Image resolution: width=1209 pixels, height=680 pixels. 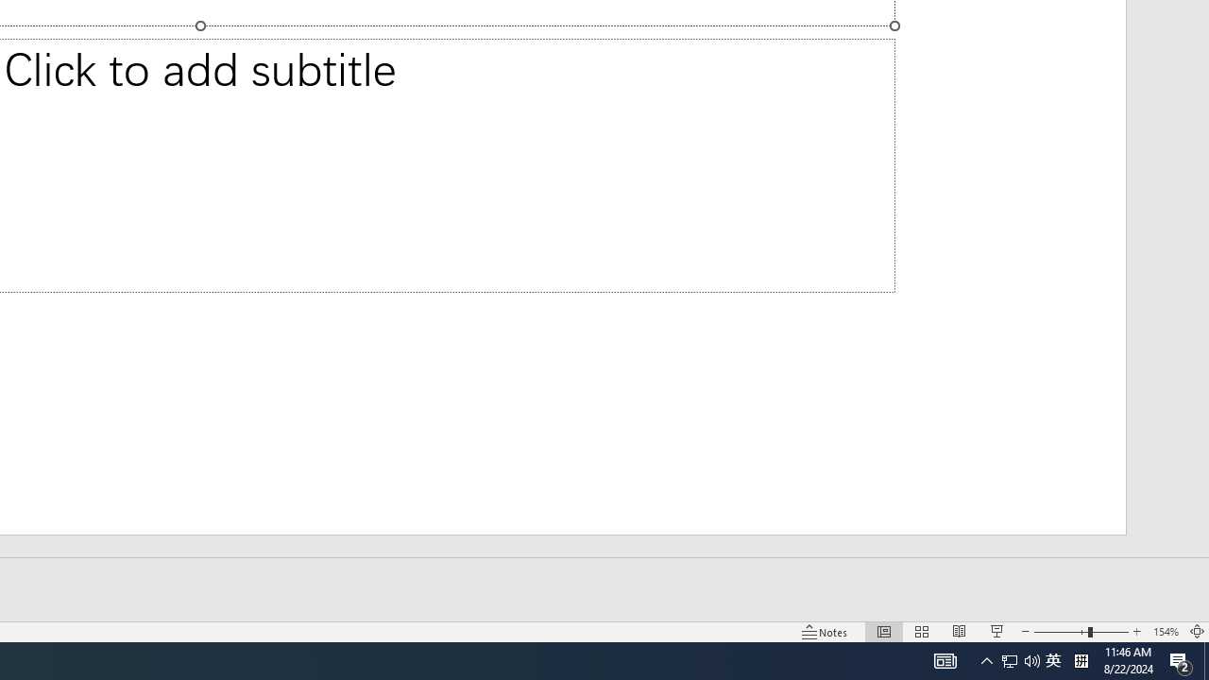 I want to click on 'Slide Show', so click(x=996, y=632).